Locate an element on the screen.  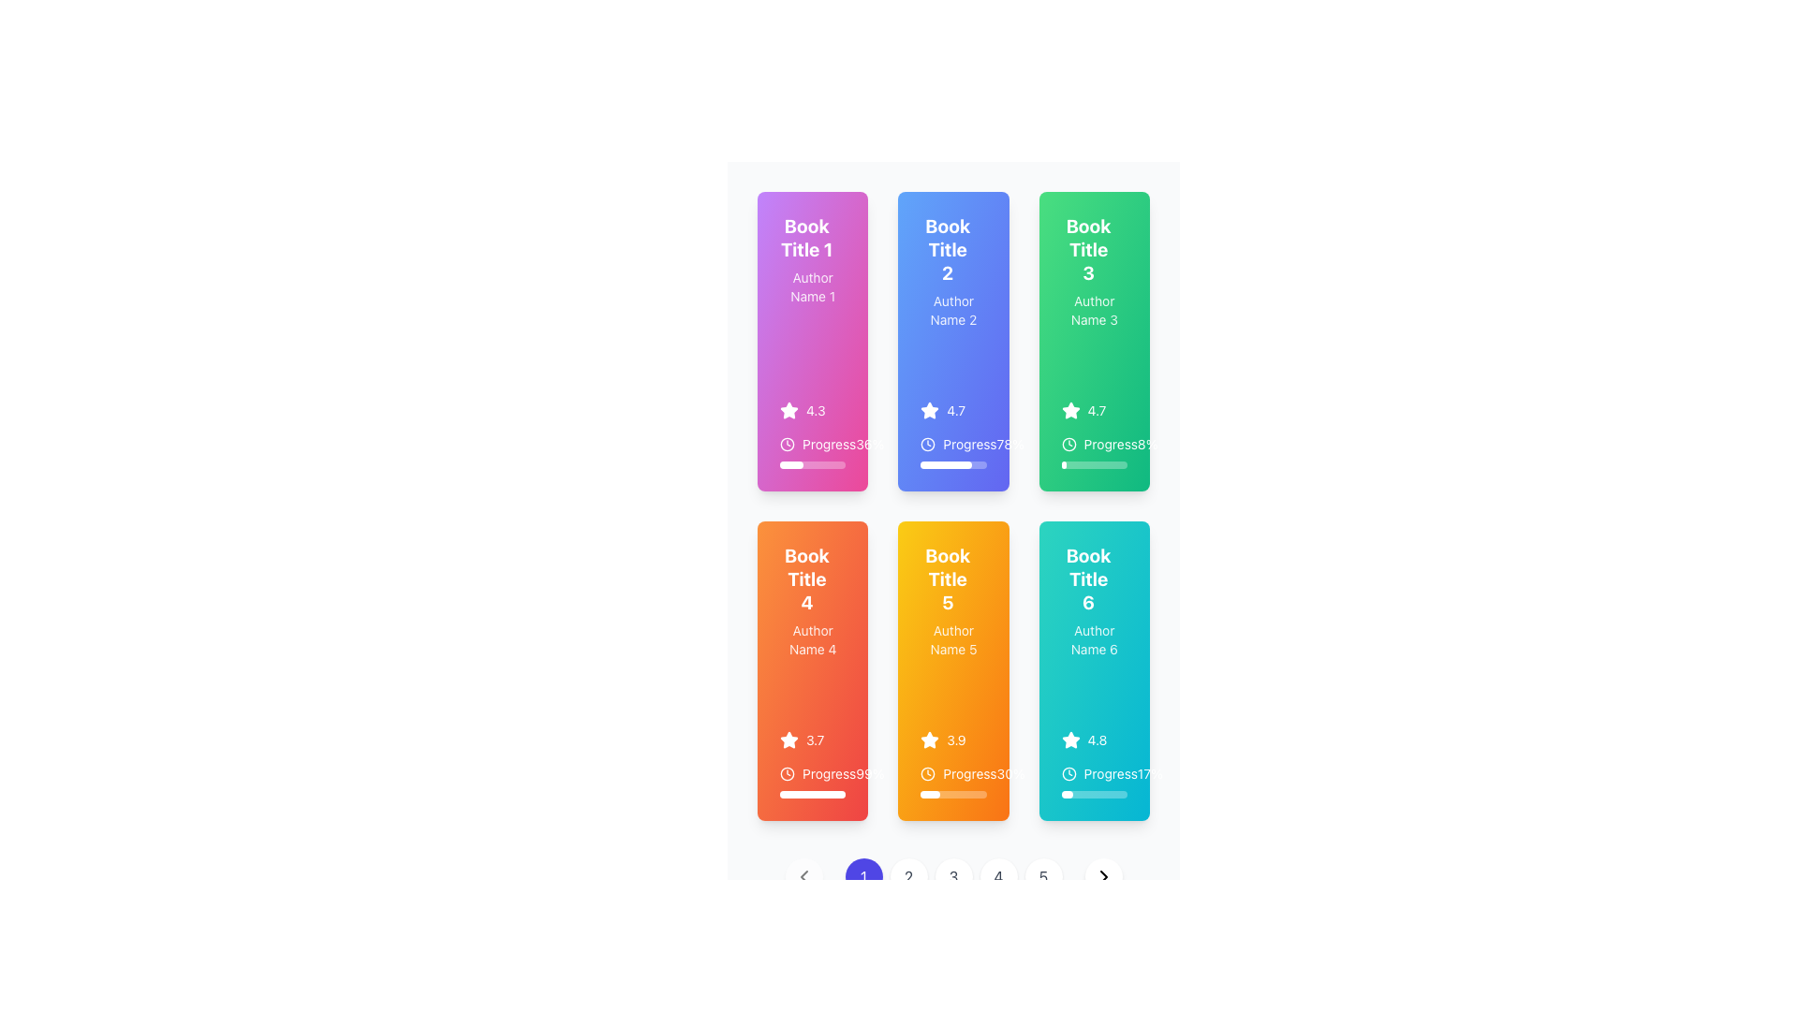
visual progress of the Progress Bar located in the fourth card of a six-card grid layout under the label 'Progress99%', indicating 99% completion is located at coordinates (813, 794).